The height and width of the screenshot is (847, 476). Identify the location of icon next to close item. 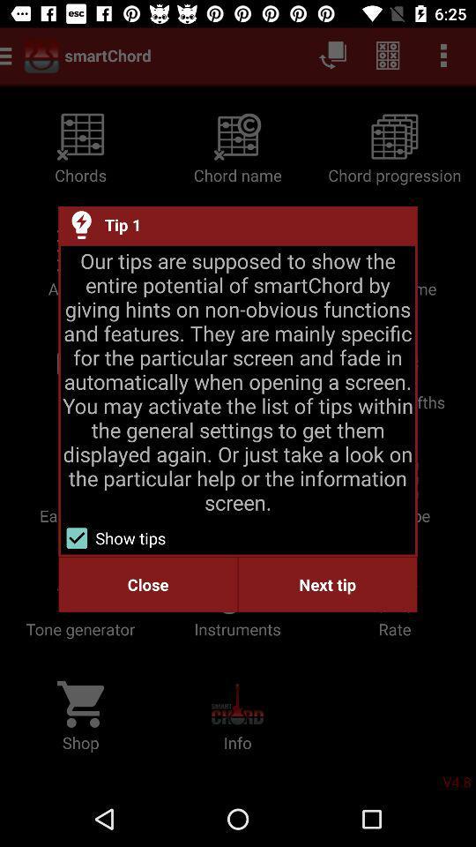
(326, 584).